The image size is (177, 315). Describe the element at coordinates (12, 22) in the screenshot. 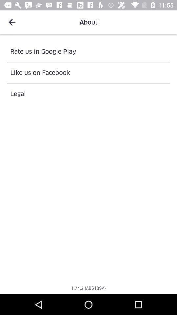

I see `icon next to the about` at that location.